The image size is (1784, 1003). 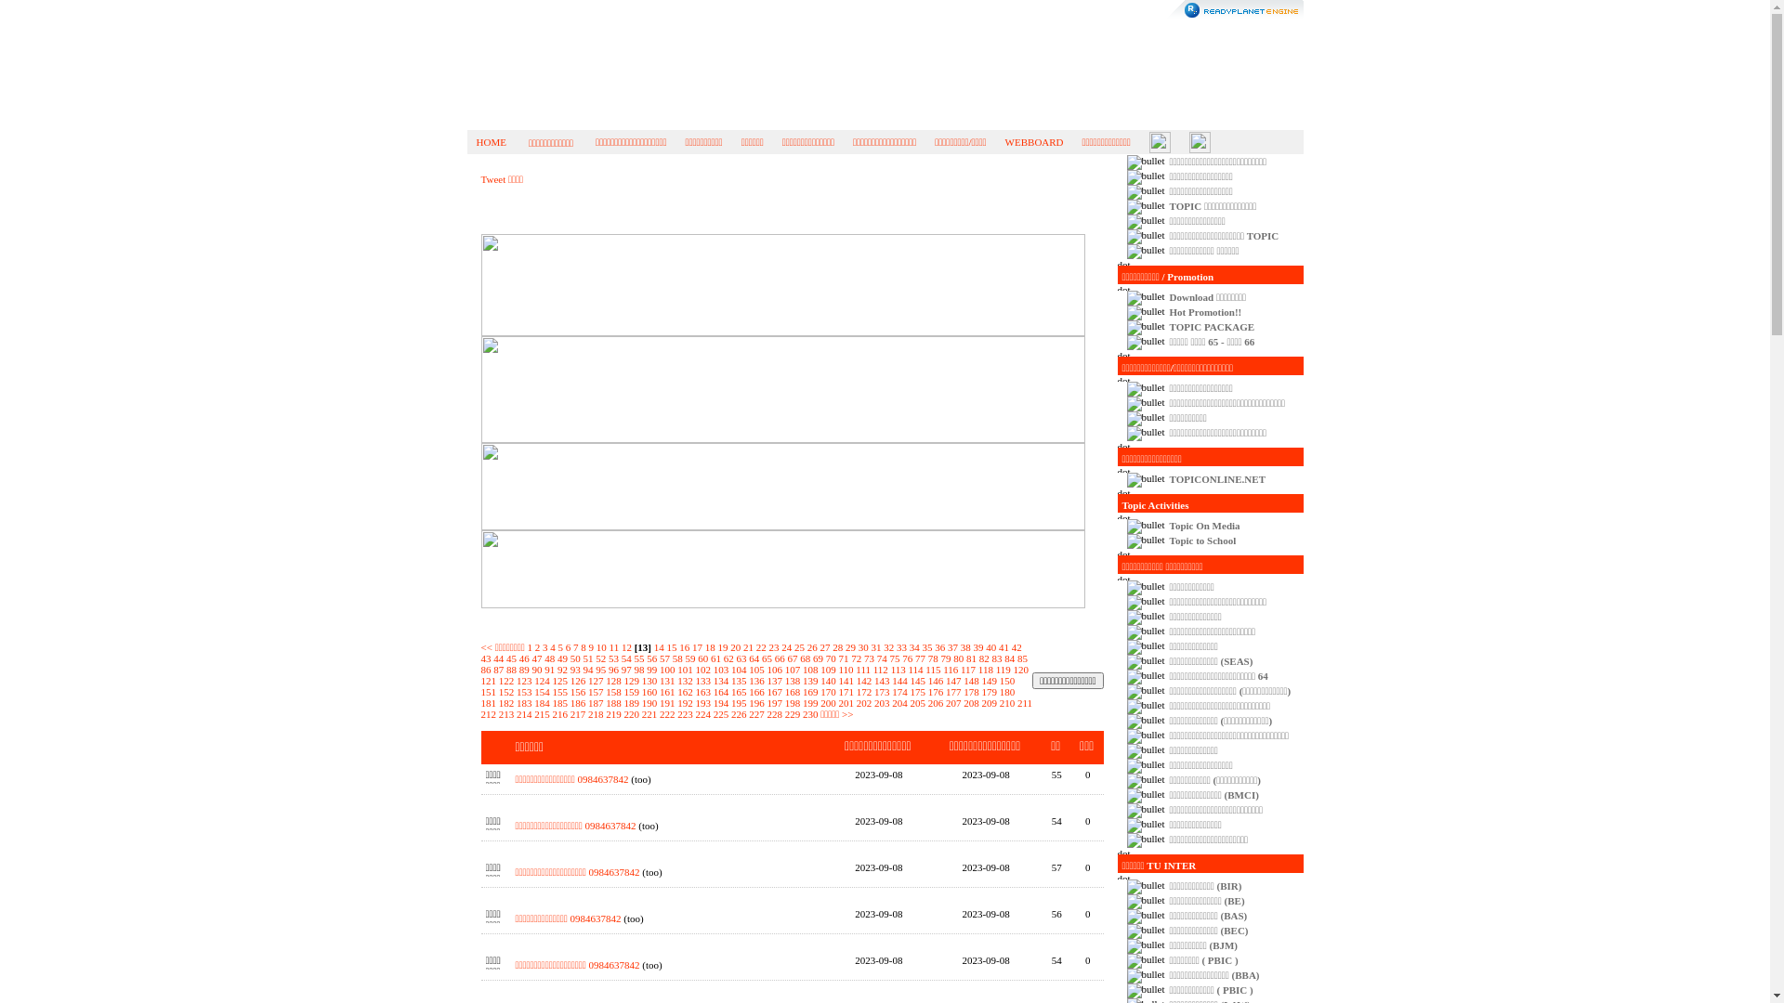 What do you see at coordinates (552, 646) in the screenshot?
I see `'4'` at bounding box center [552, 646].